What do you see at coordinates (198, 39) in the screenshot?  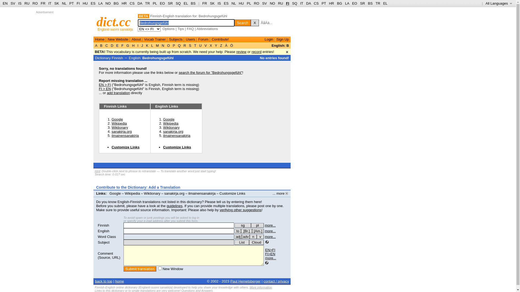 I see `'Forum'` at bounding box center [198, 39].